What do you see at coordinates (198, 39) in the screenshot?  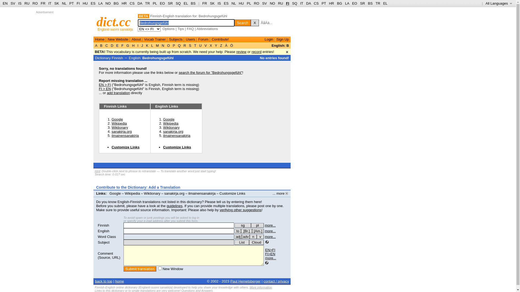 I see `'Forum'` at bounding box center [198, 39].